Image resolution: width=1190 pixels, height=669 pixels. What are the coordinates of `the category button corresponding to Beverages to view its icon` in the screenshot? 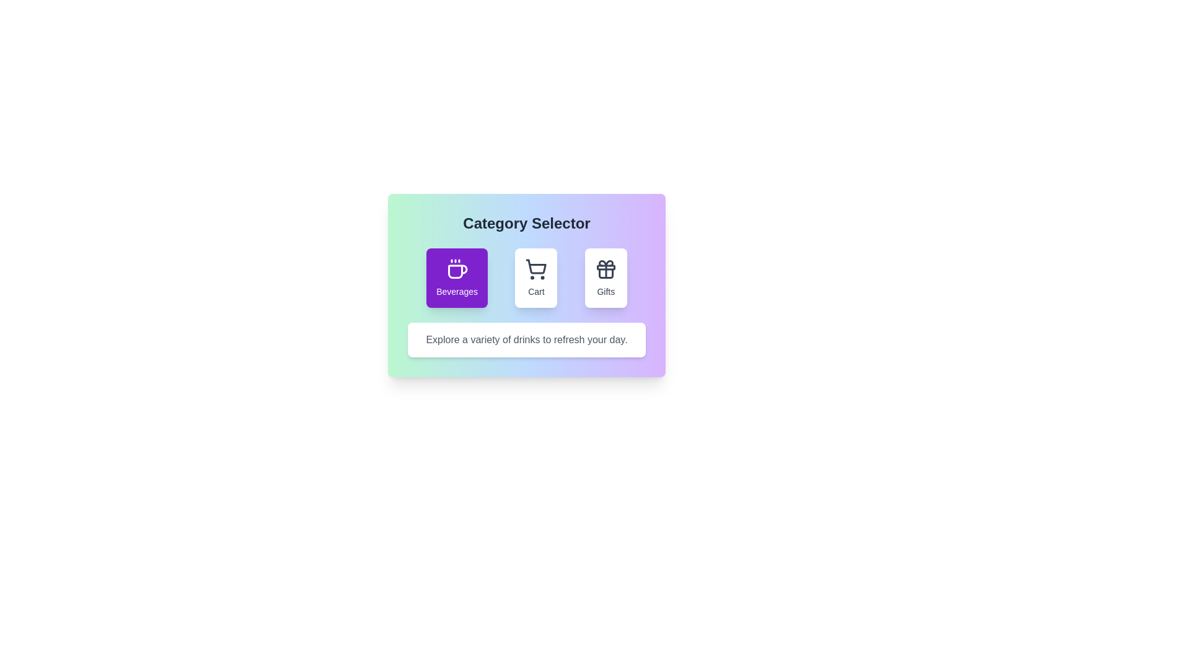 It's located at (456, 277).